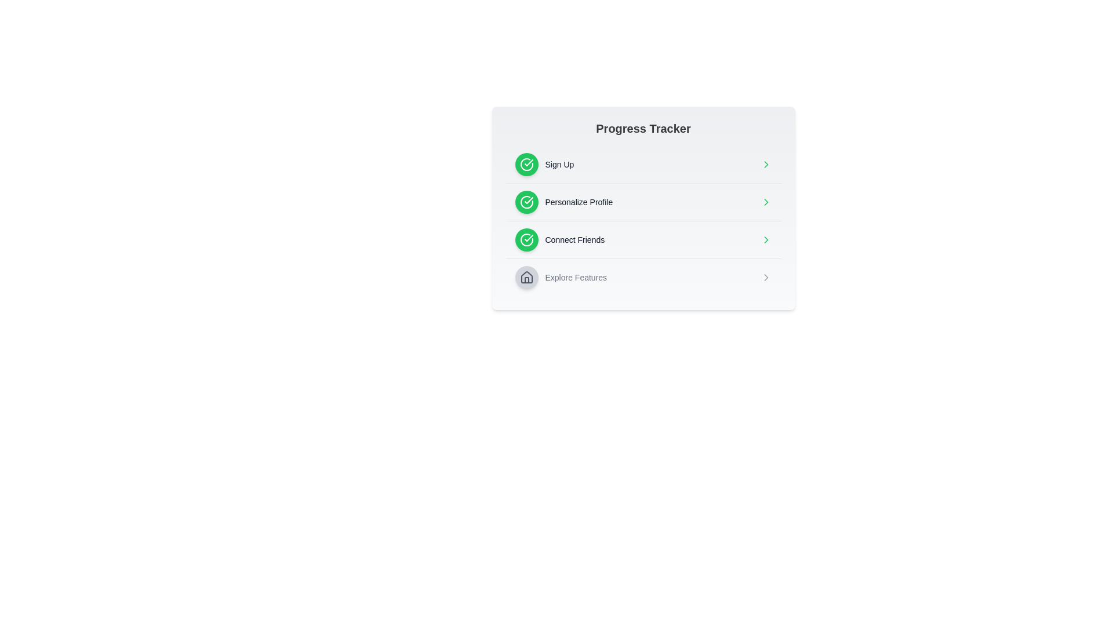 The image size is (1113, 626). What do you see at coordinates (642, 277) in the screenshot?
I see `the Navigation item labeled 'Explore Features'` at bounding box center [642, 277].